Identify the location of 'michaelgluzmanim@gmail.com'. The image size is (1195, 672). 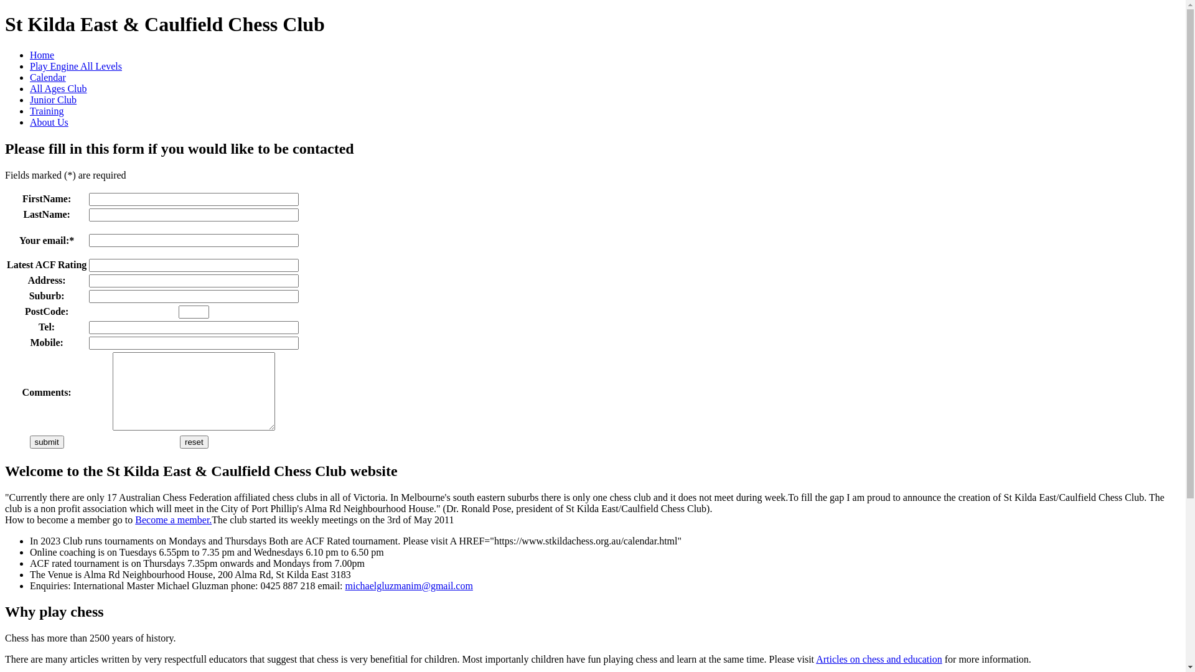
(409, 585).